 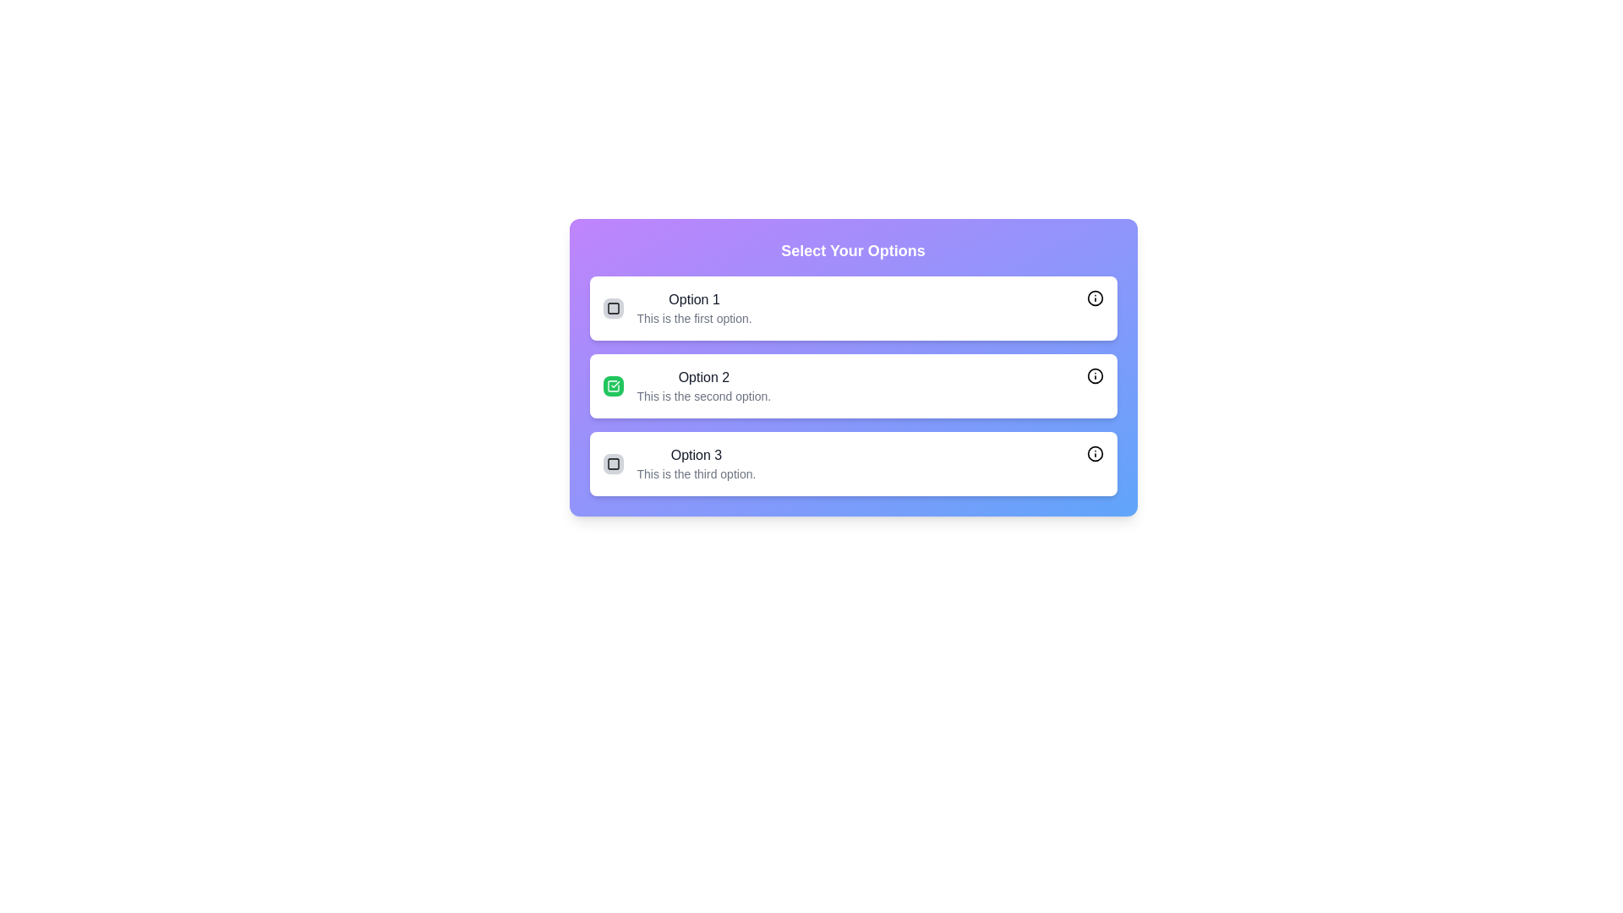 What do you see at coordinates (696, 473) in the screenshot?
I see `the descriptive text element located under the 'Option 3' title in the 'Select Your Options' list` at bounding box center [696, 473].